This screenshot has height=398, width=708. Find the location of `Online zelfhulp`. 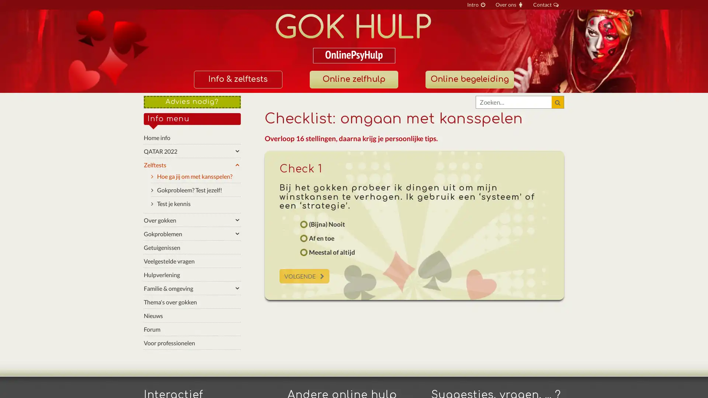

Online zelfhulp is located at coordinates (353, 79).